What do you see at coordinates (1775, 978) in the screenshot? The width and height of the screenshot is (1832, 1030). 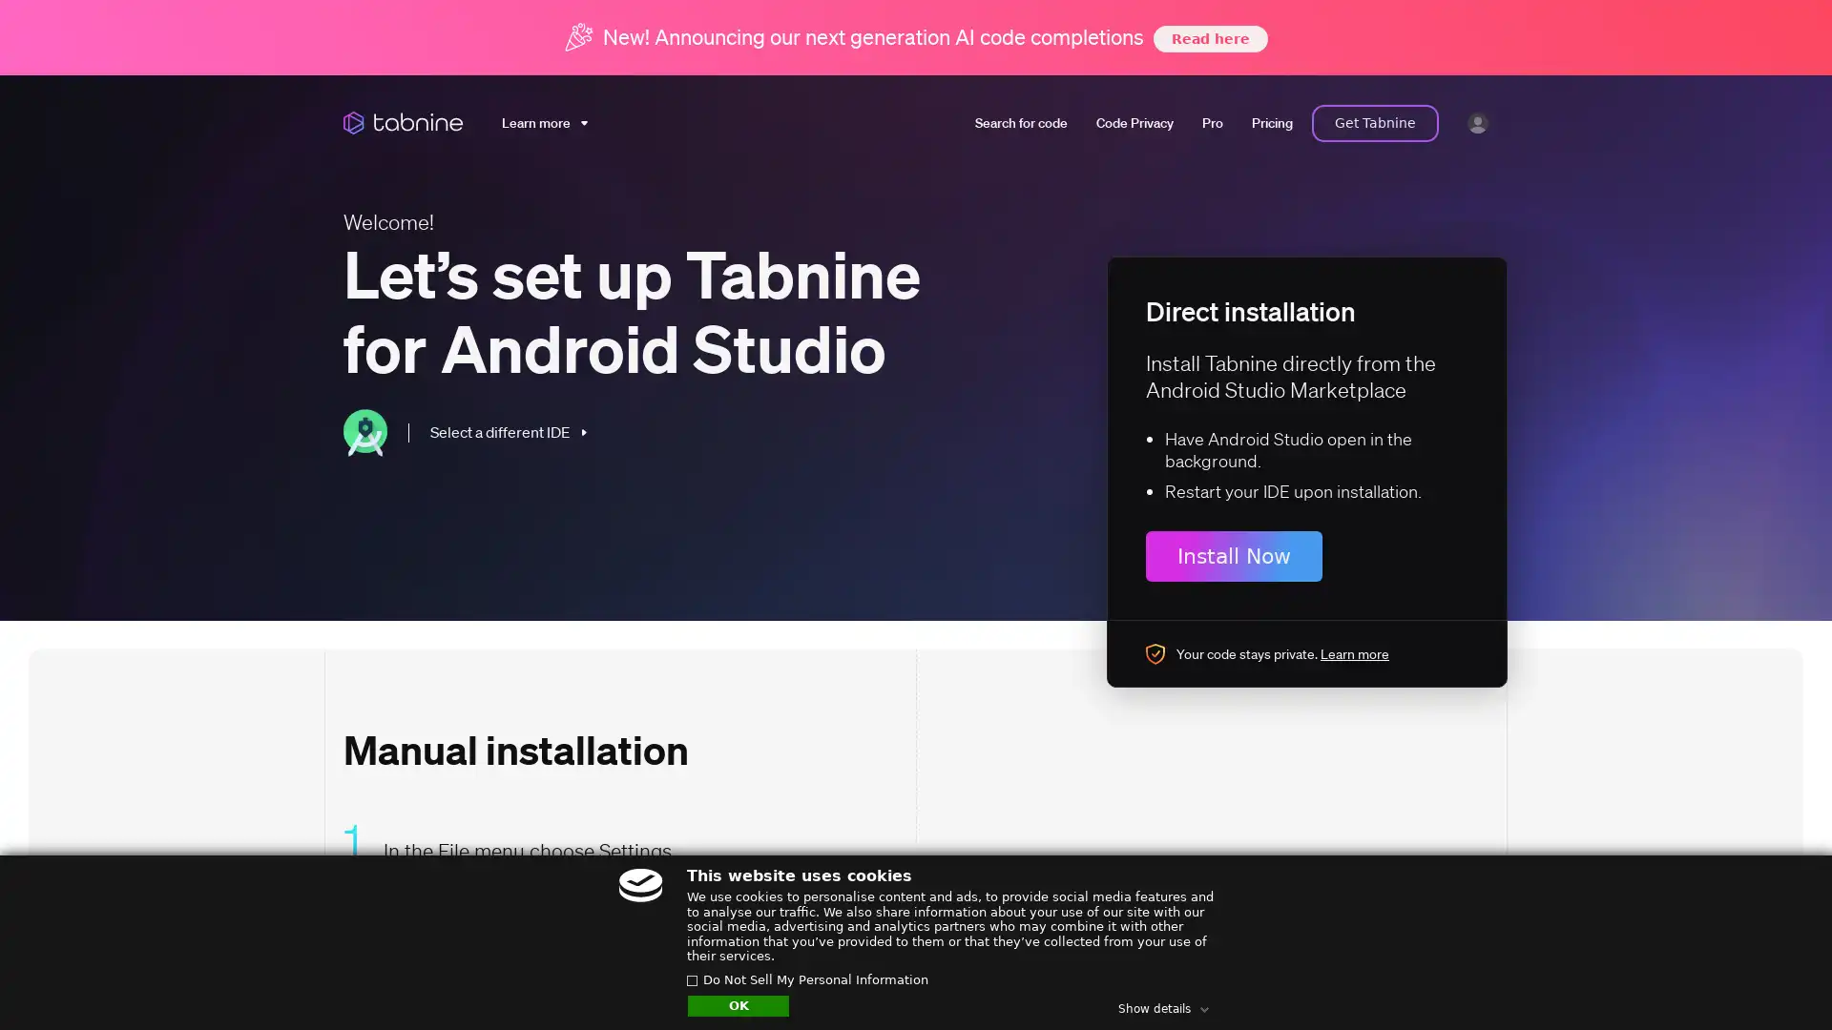 I see `Open` at bounding box center [1775, 978].